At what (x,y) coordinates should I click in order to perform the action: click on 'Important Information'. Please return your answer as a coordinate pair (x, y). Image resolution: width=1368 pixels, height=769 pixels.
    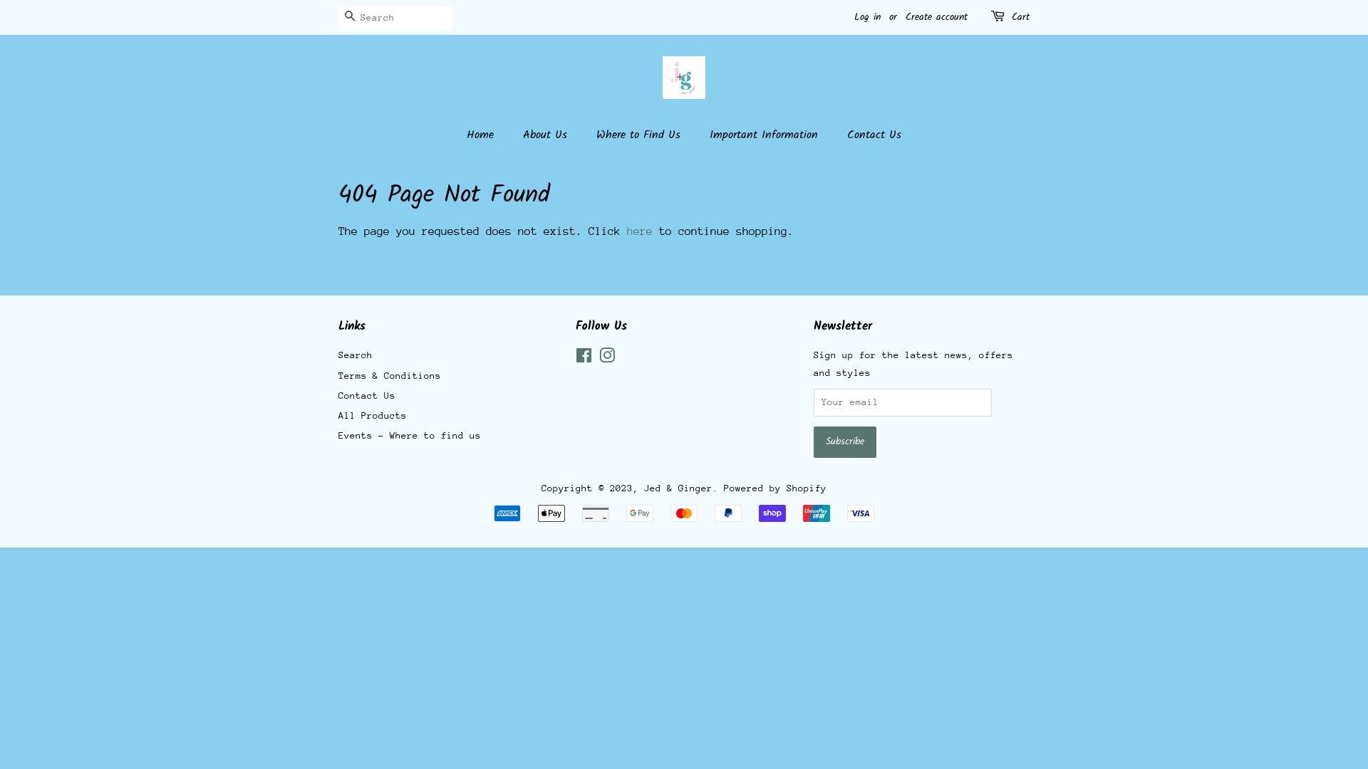
    Looking at the image, I should click on (765, 135).